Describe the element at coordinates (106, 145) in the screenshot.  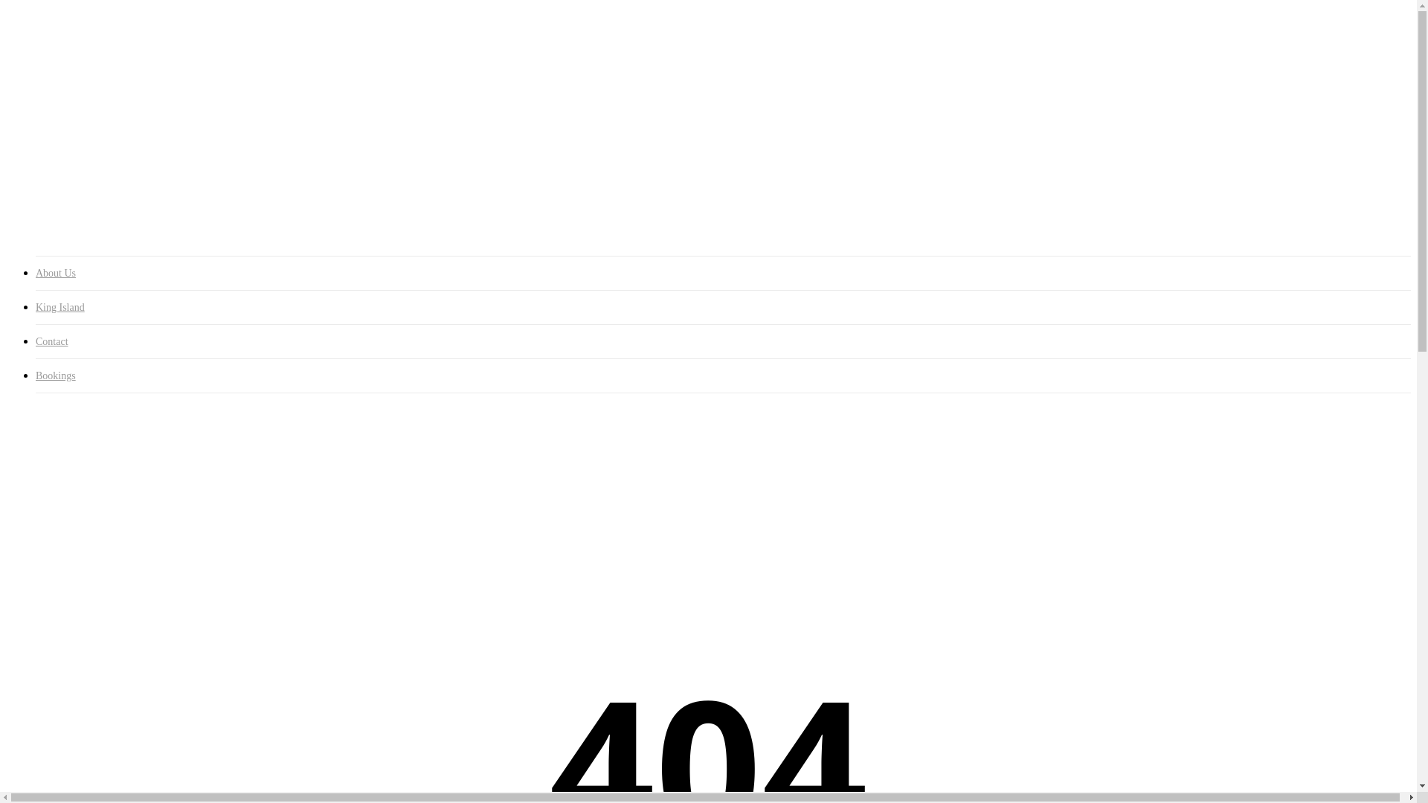
I see `'Helm Hideaways'` at that location.